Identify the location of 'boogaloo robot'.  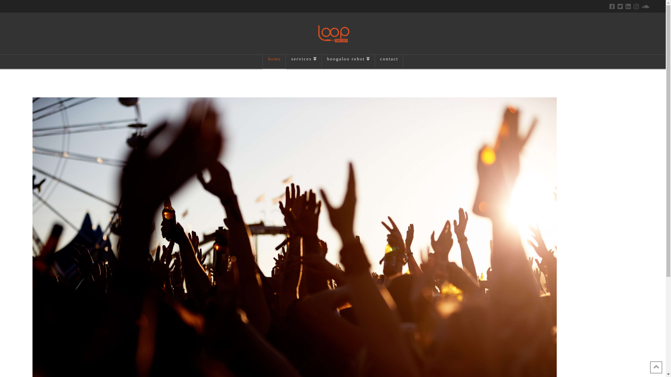
(348, 61).